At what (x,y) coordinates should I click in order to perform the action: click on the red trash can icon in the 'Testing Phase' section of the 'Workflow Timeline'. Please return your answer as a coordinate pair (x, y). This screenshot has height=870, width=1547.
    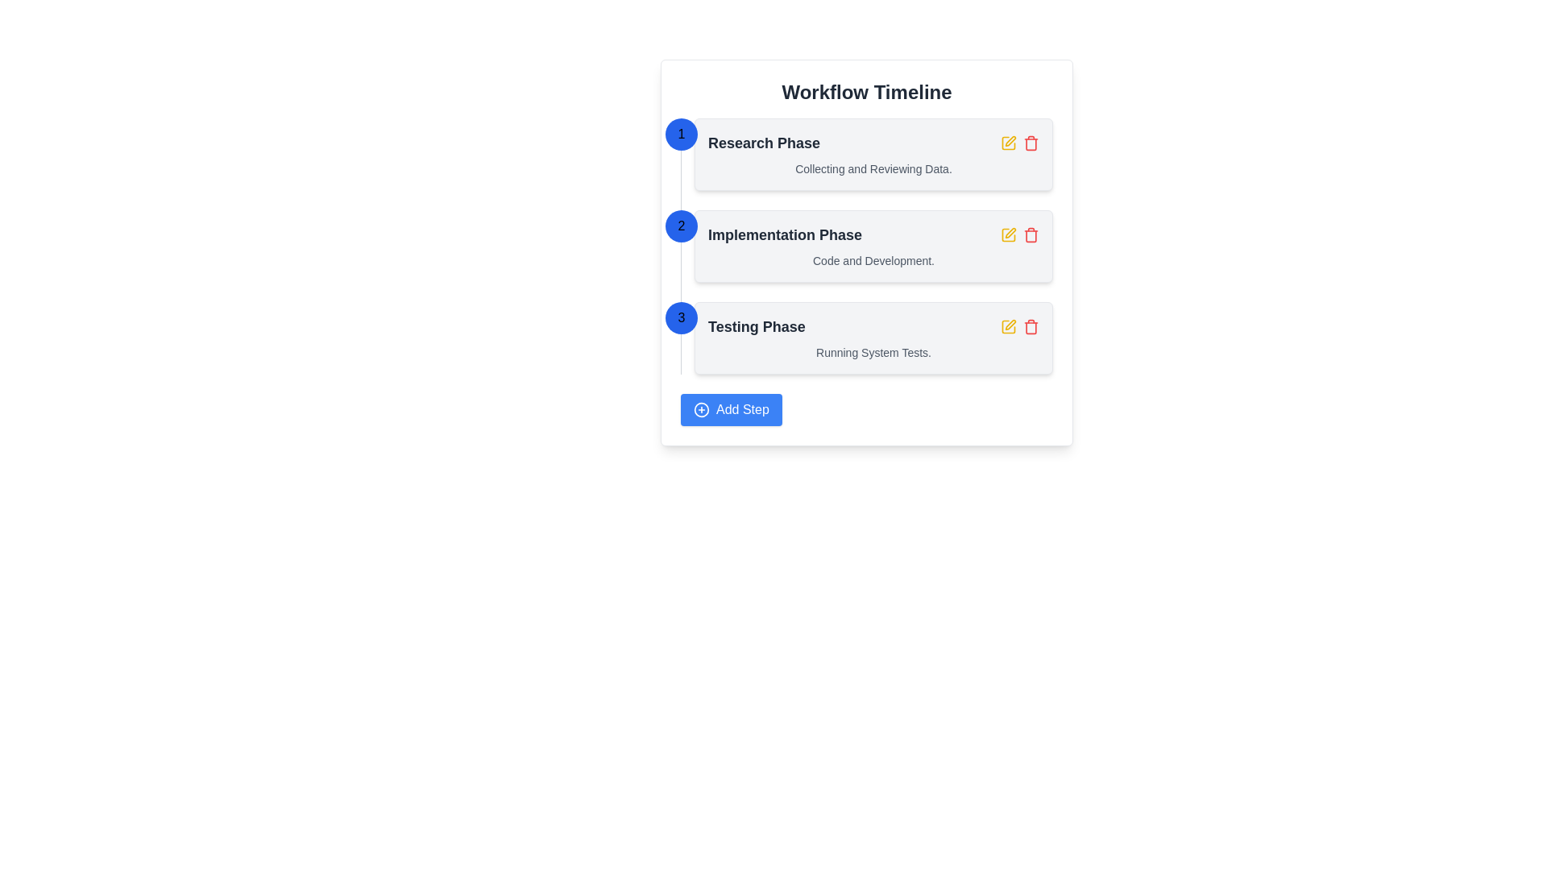
    Looking at the image, I should click on (1031, 326).